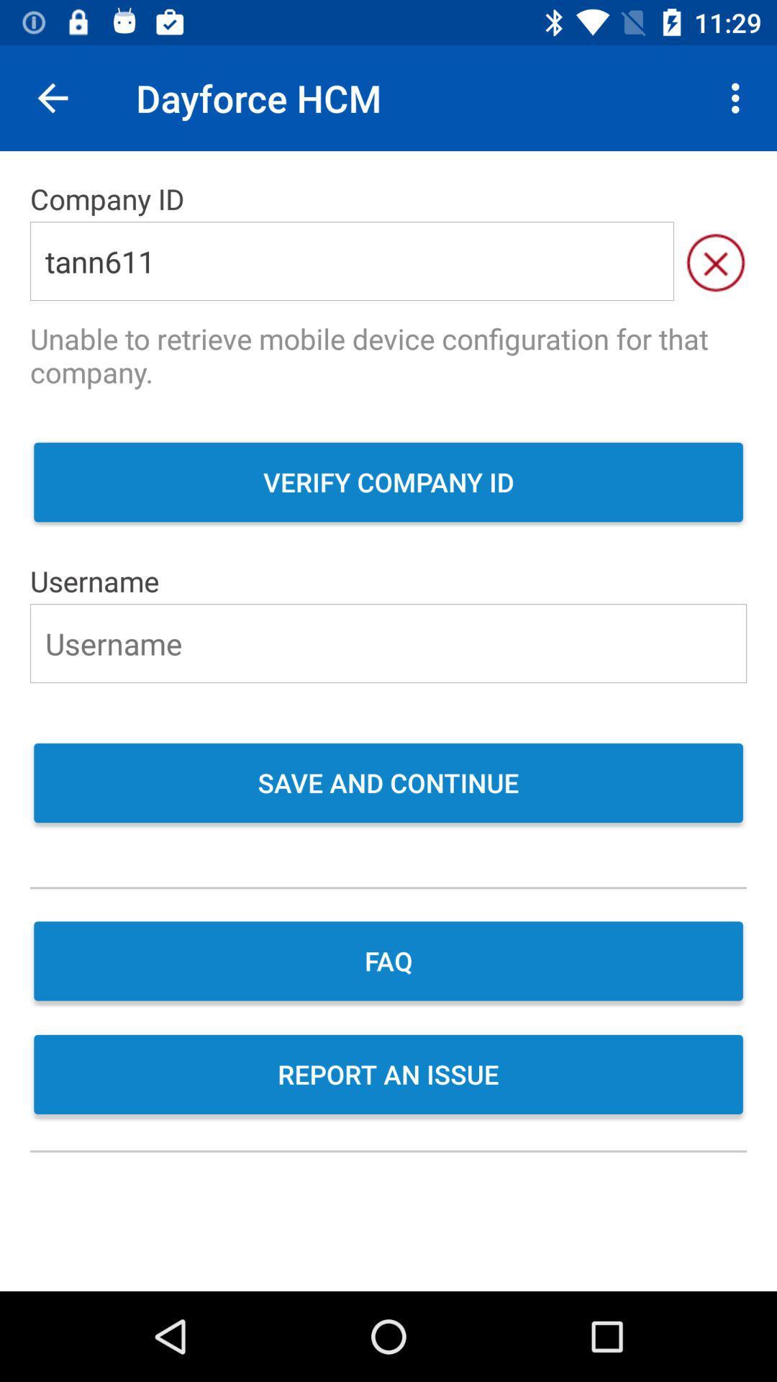 This screenshot has width=777, height=1382. Describe the element at coordinates (715, 261) in the screenshot. I see `the close icon` at that location.